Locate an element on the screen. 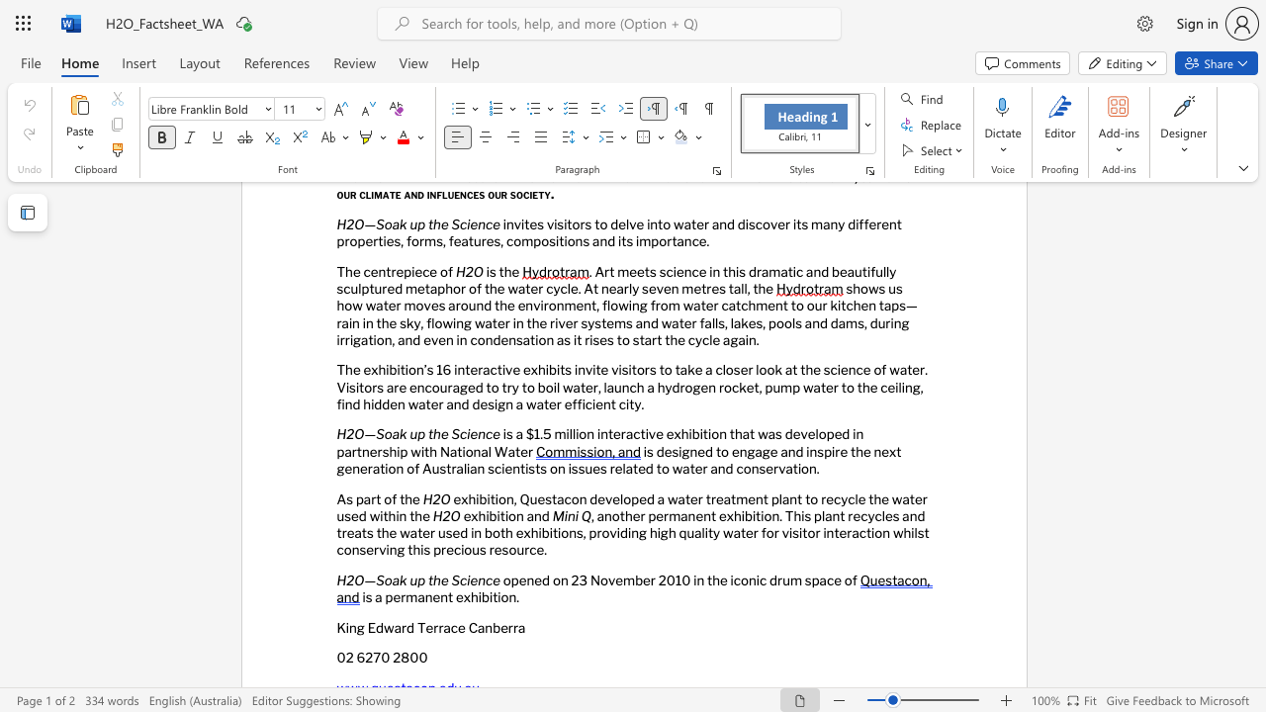  the subset text "cientists on issues related to water and conservati" within the text "is designed to engage and inspire the next generation of Australian scientists on issues related to water and conservation." is located at coordinates (494, 468).